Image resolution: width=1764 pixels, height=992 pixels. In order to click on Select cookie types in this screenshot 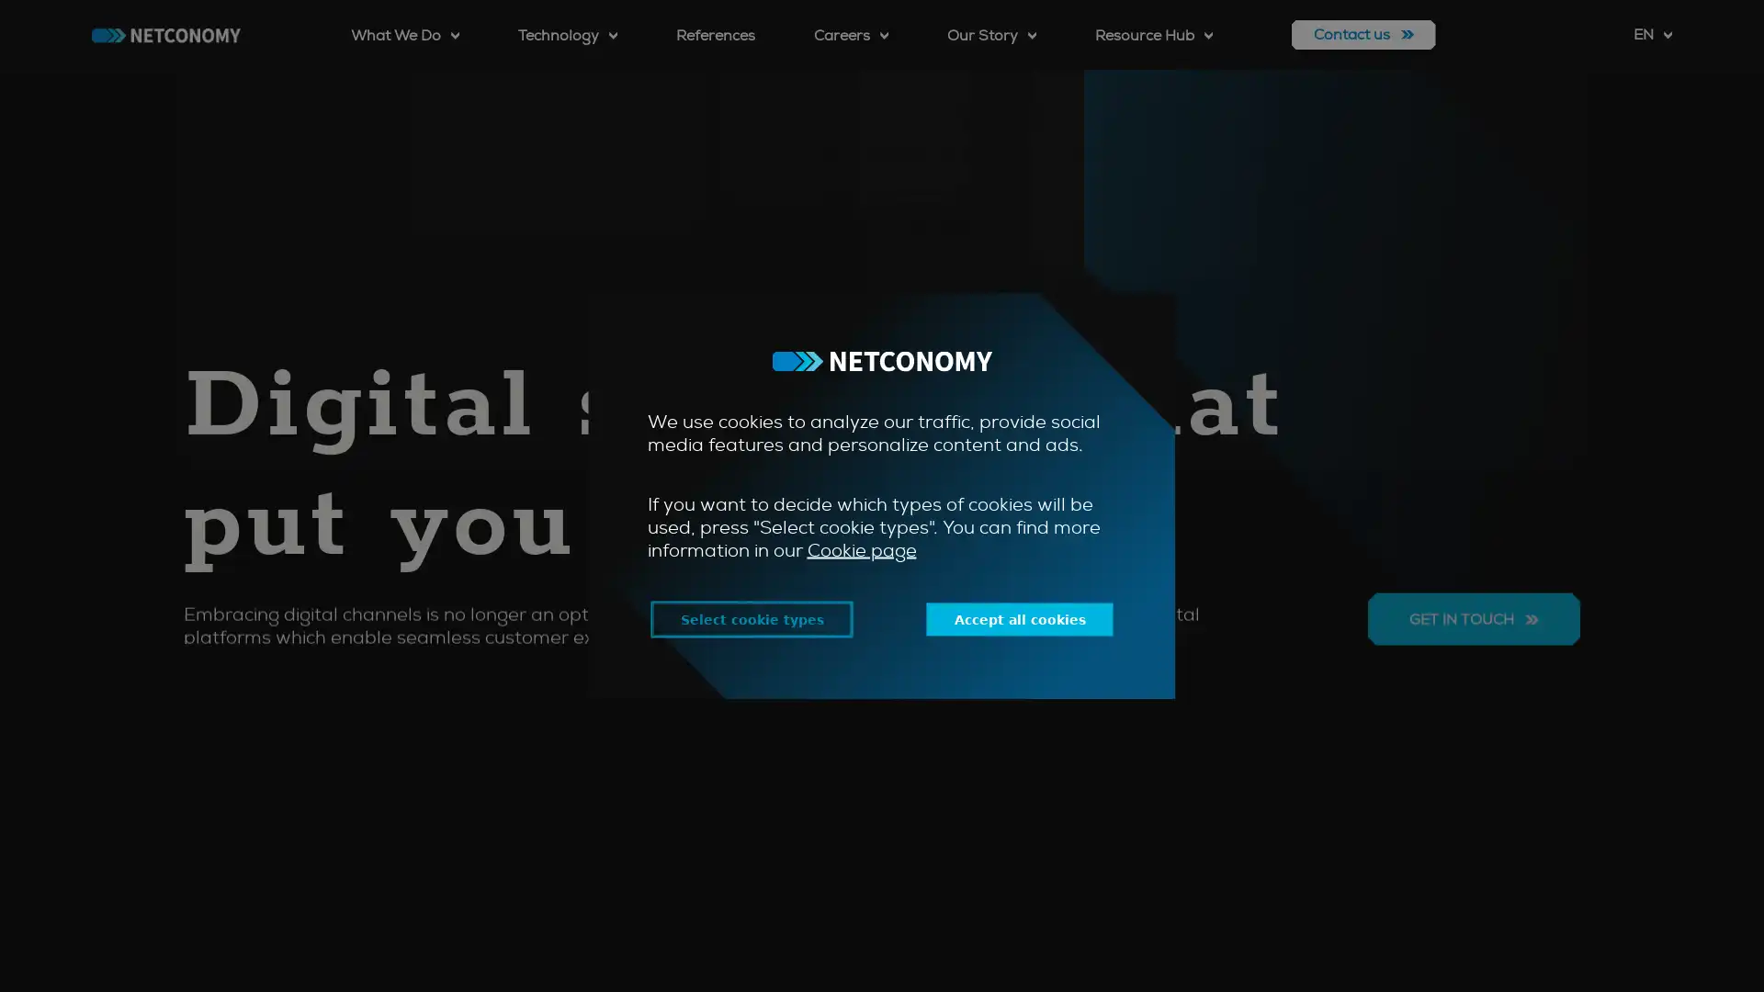, I will do `click(736, 619)`.